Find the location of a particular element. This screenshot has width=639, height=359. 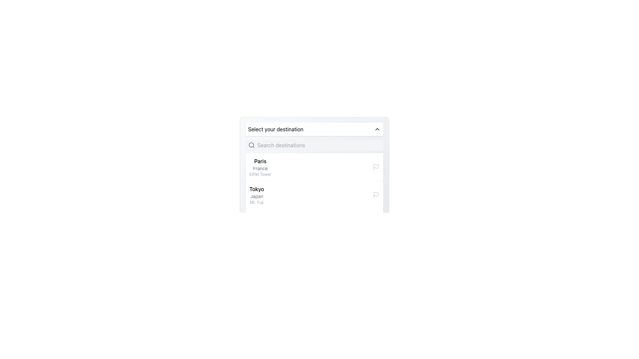

the first item in the selection list that displays a destination with location, country, and landmark details is located at coordinates (314, 167).